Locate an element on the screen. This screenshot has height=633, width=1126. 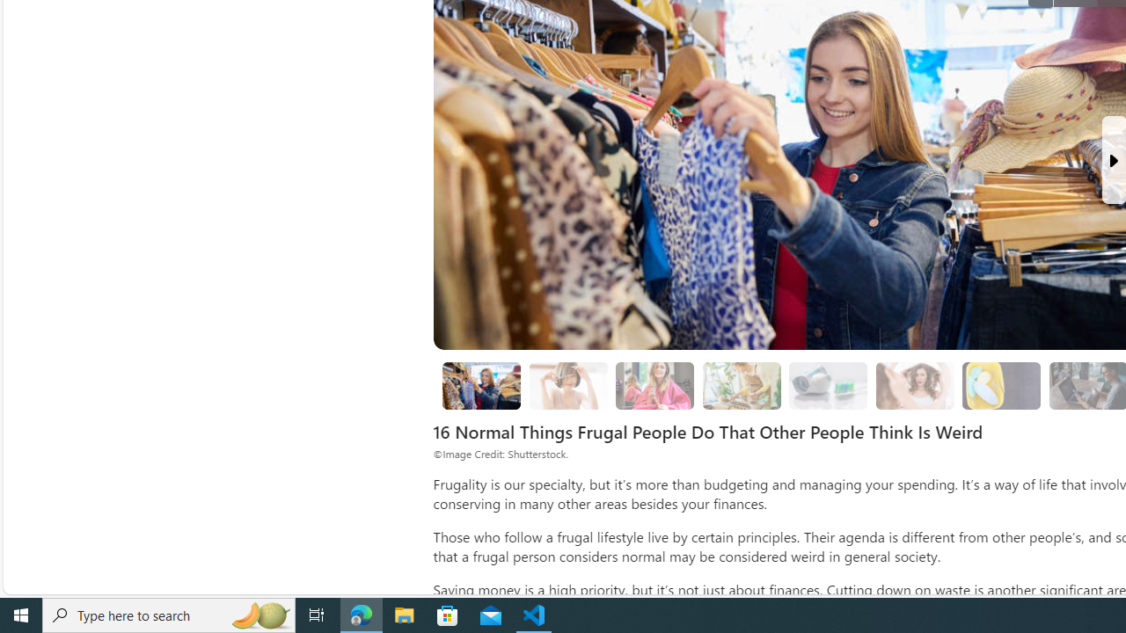
'1. Cutting Hair' is located at coordinates (568, 384).